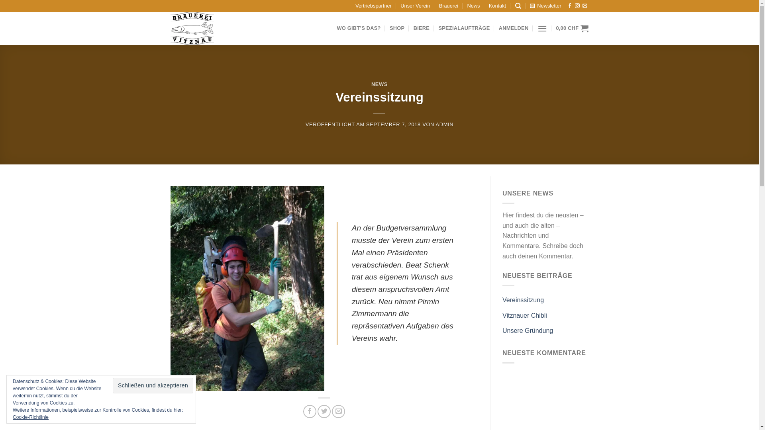  I want to click on 'Cookie-Richtlinie', so click(13, 417).